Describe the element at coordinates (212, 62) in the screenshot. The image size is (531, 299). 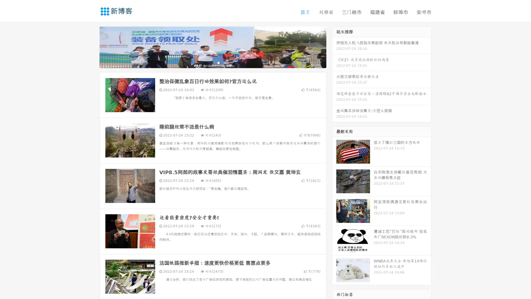
I see `Go to slide 2` at that location.